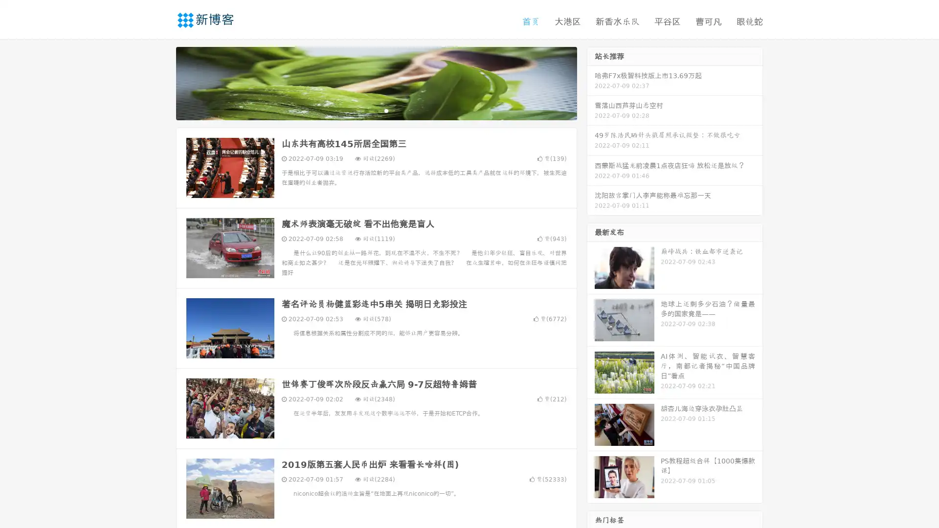 This screenshot has height=528, width=939. Describe the element at coordinates (376, 110) in the screenshot. I see `Go to slide 2` at that location.